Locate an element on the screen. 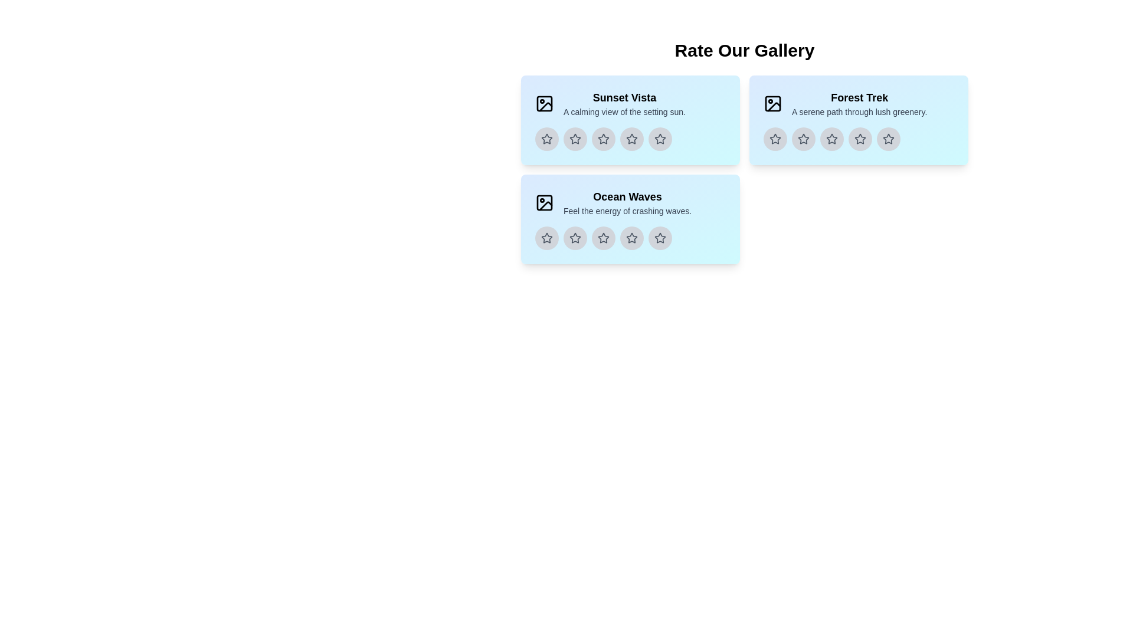 This screenshot has height=637, width=1133. the second star rating button for 'Sunset Vista' is located at coordinates (575, 138).